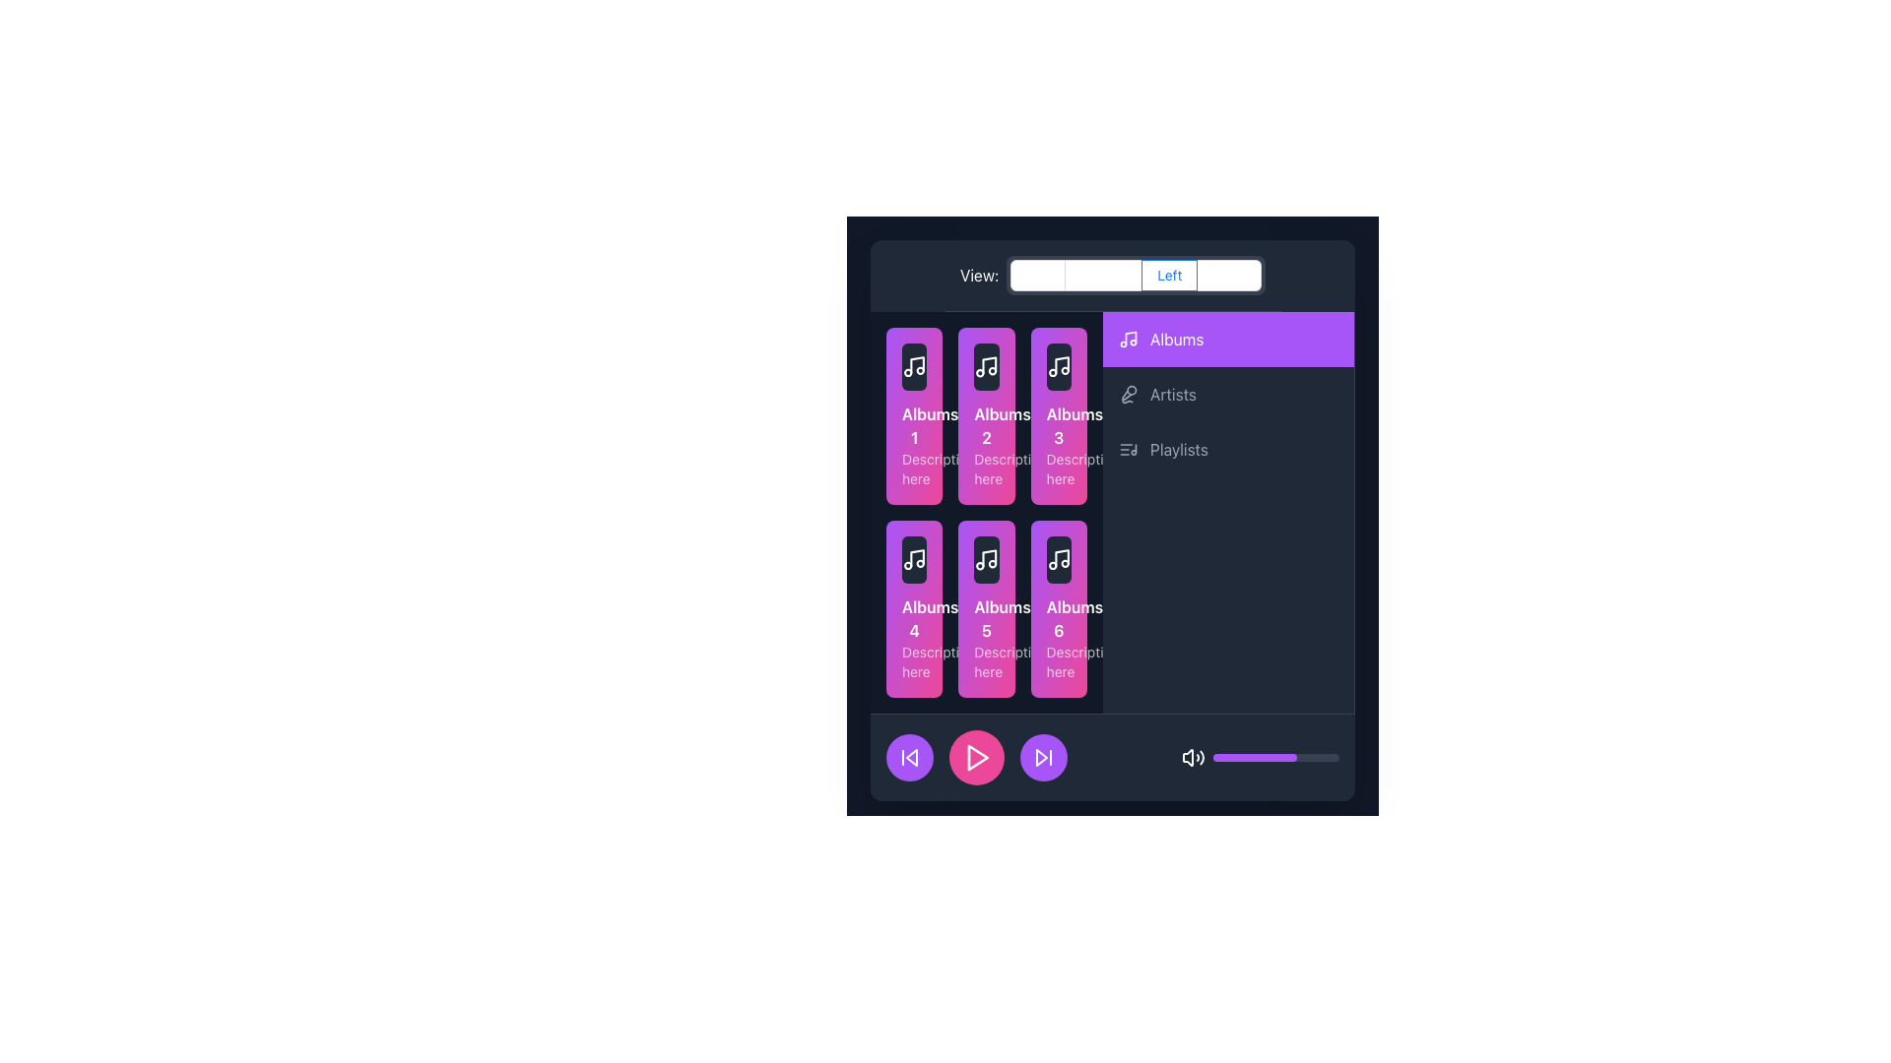  Describe the element at coordinates (911, 757) in the screenshot. I see `the leftmost circular button in the bottom-left corner of the interface, which symbolizes a skip-backward action` at that location.